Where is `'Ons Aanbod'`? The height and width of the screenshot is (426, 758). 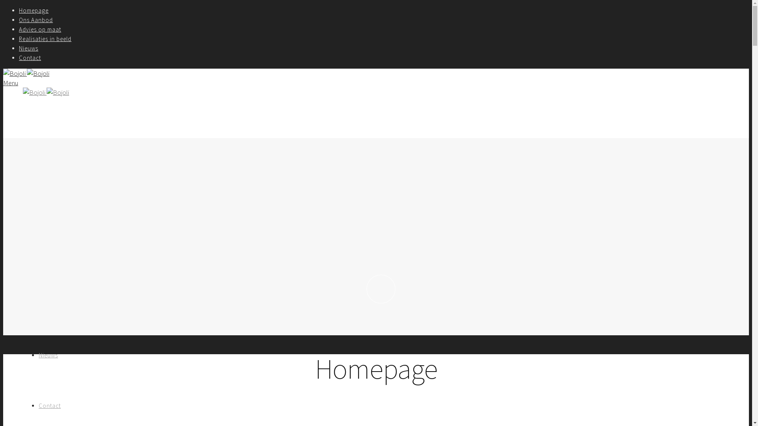 'Ons Aanbod' is located at coordinates (19, 19).